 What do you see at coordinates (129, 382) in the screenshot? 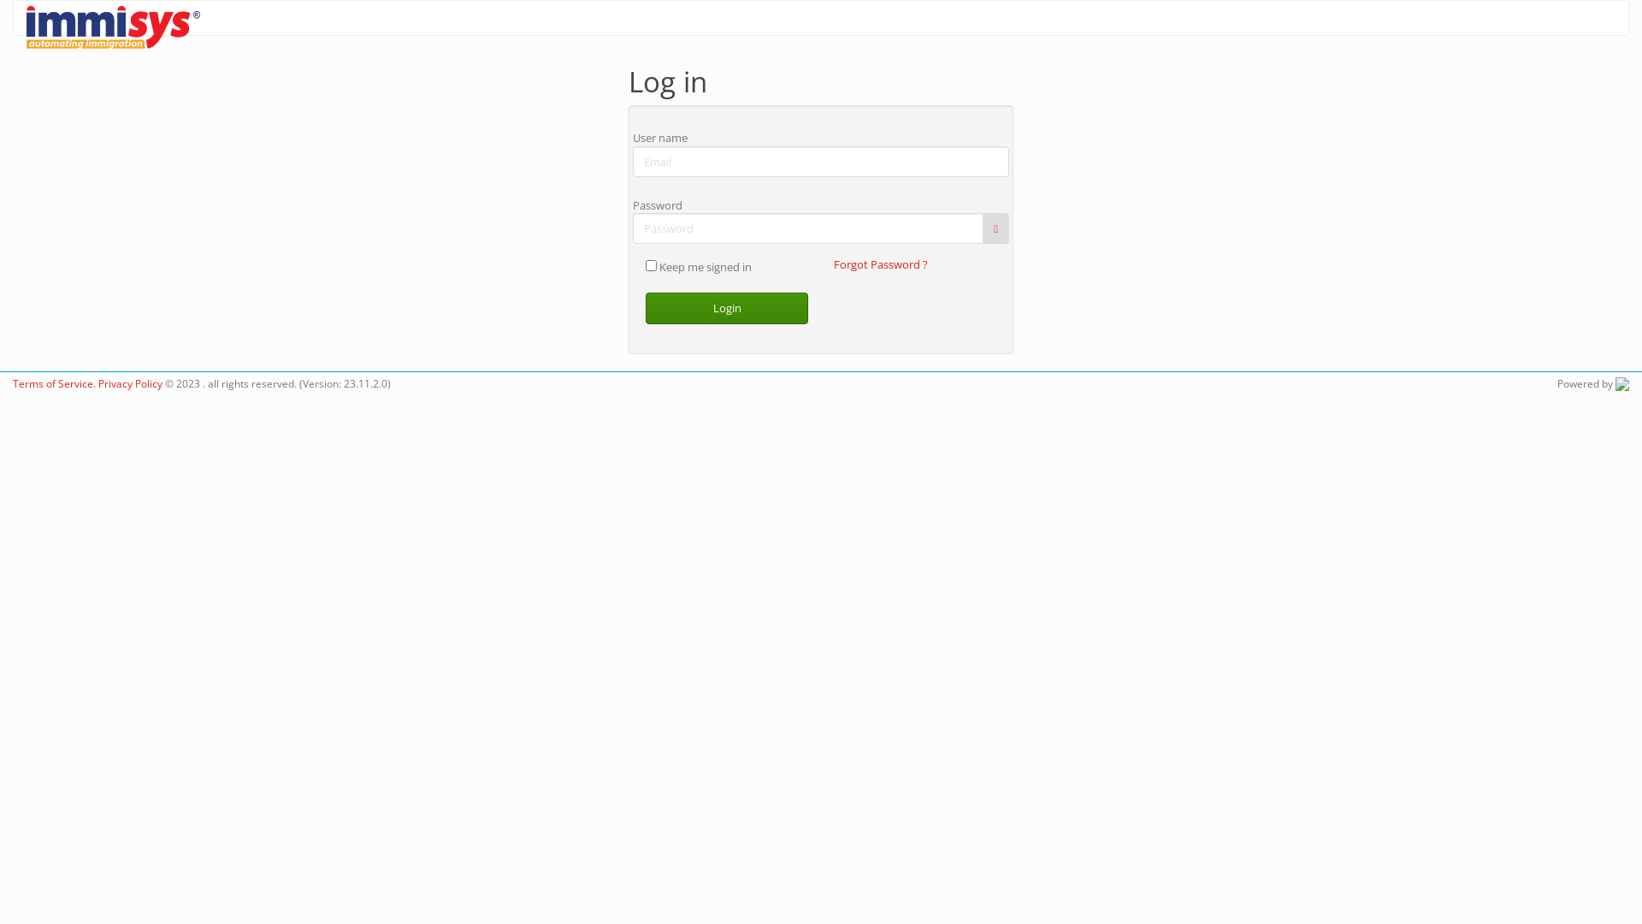
I see `'Privacy Policy'` at bounding box center [129, 382].